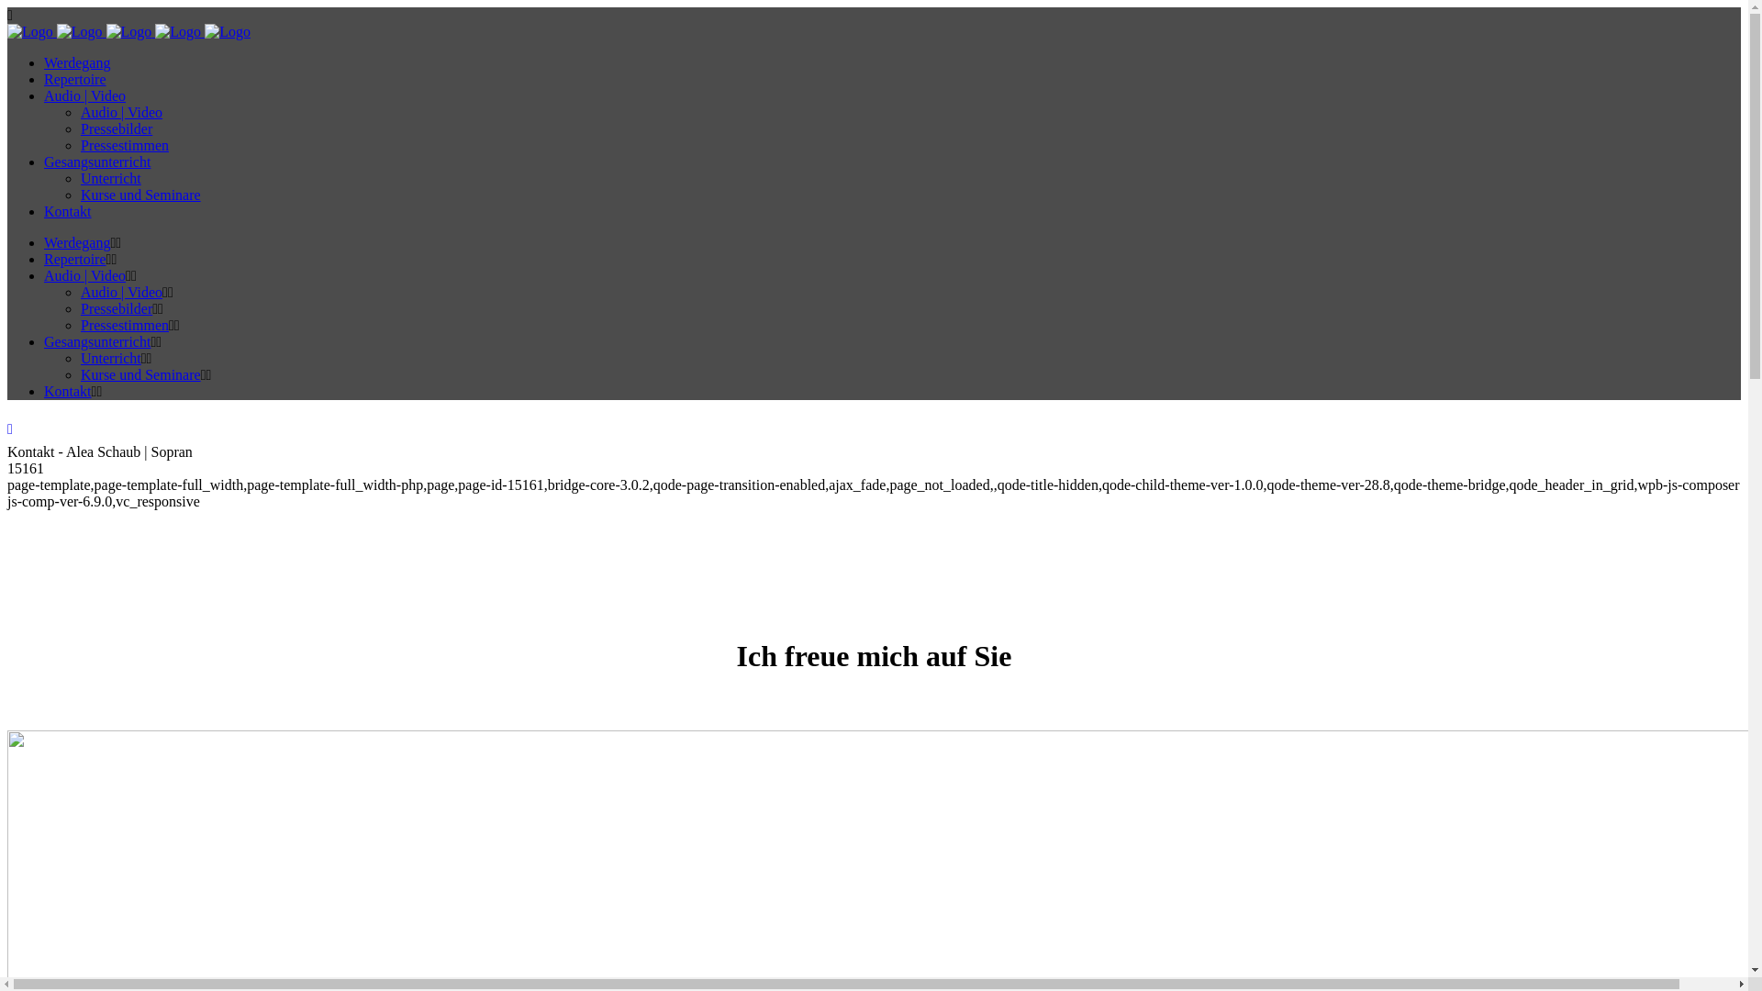 Image resolution: width=1762 pixels, height=991 pixels. What do you see at coordinates (109, 178) in the screenshot?
I see `'Unterricht'` at bounding box center [109, 178].